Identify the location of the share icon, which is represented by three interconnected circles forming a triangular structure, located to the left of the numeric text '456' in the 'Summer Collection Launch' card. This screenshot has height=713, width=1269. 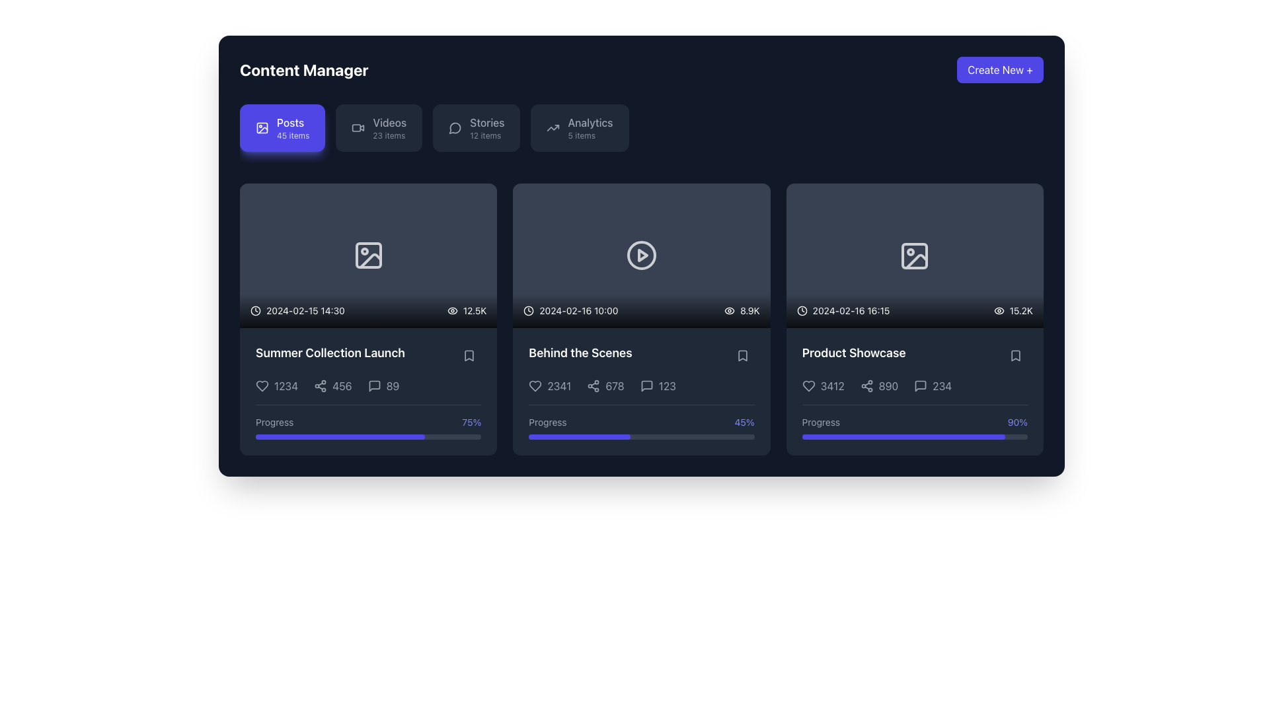
(321, 386).